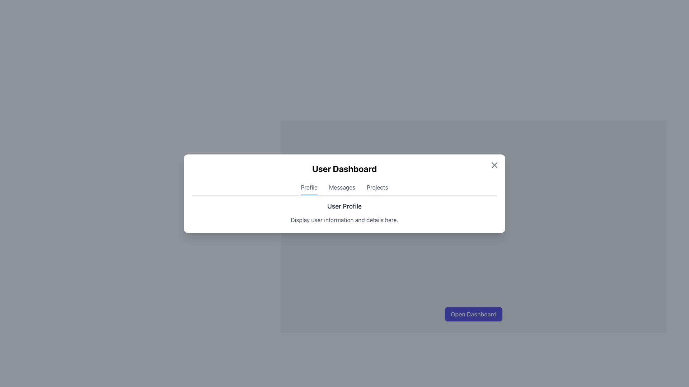 The image size is (689, 387). What do you see at coordinates (344, 193) in the screenshot?
I see `the 'Profile' navigation tab within the centered modal window titled 'User Dashboard' to switch views` at bounding box center [344, 193].